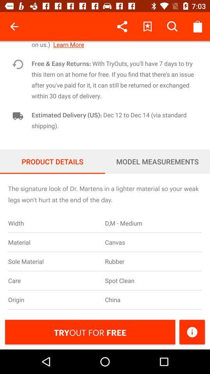 This screenshot has height=374, width=210. I want to click on the item above the free easy returns icon, so click(114, 44).